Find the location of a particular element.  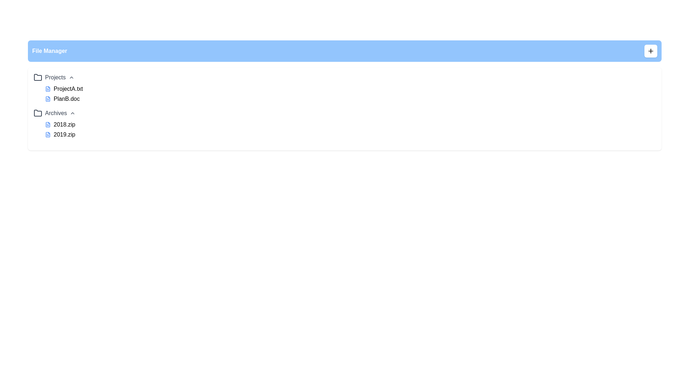

the File Icon representing the '2018.zip' entry located under the 'Archives' section in the UI is located at coordinates (48, 124).